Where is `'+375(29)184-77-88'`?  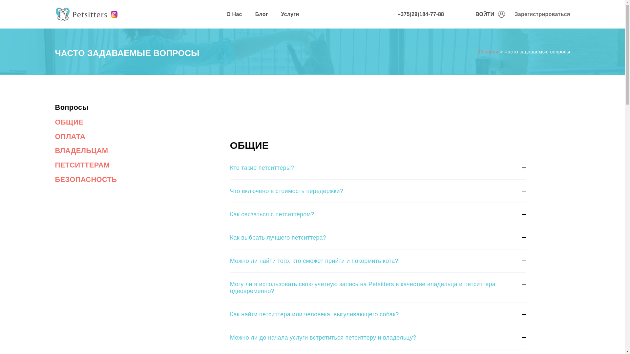 '+375(29)184-77-88' is located at coordinates (421, 14).